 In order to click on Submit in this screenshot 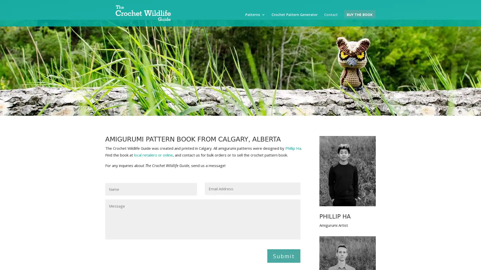, I will do `click(284, 255)`.